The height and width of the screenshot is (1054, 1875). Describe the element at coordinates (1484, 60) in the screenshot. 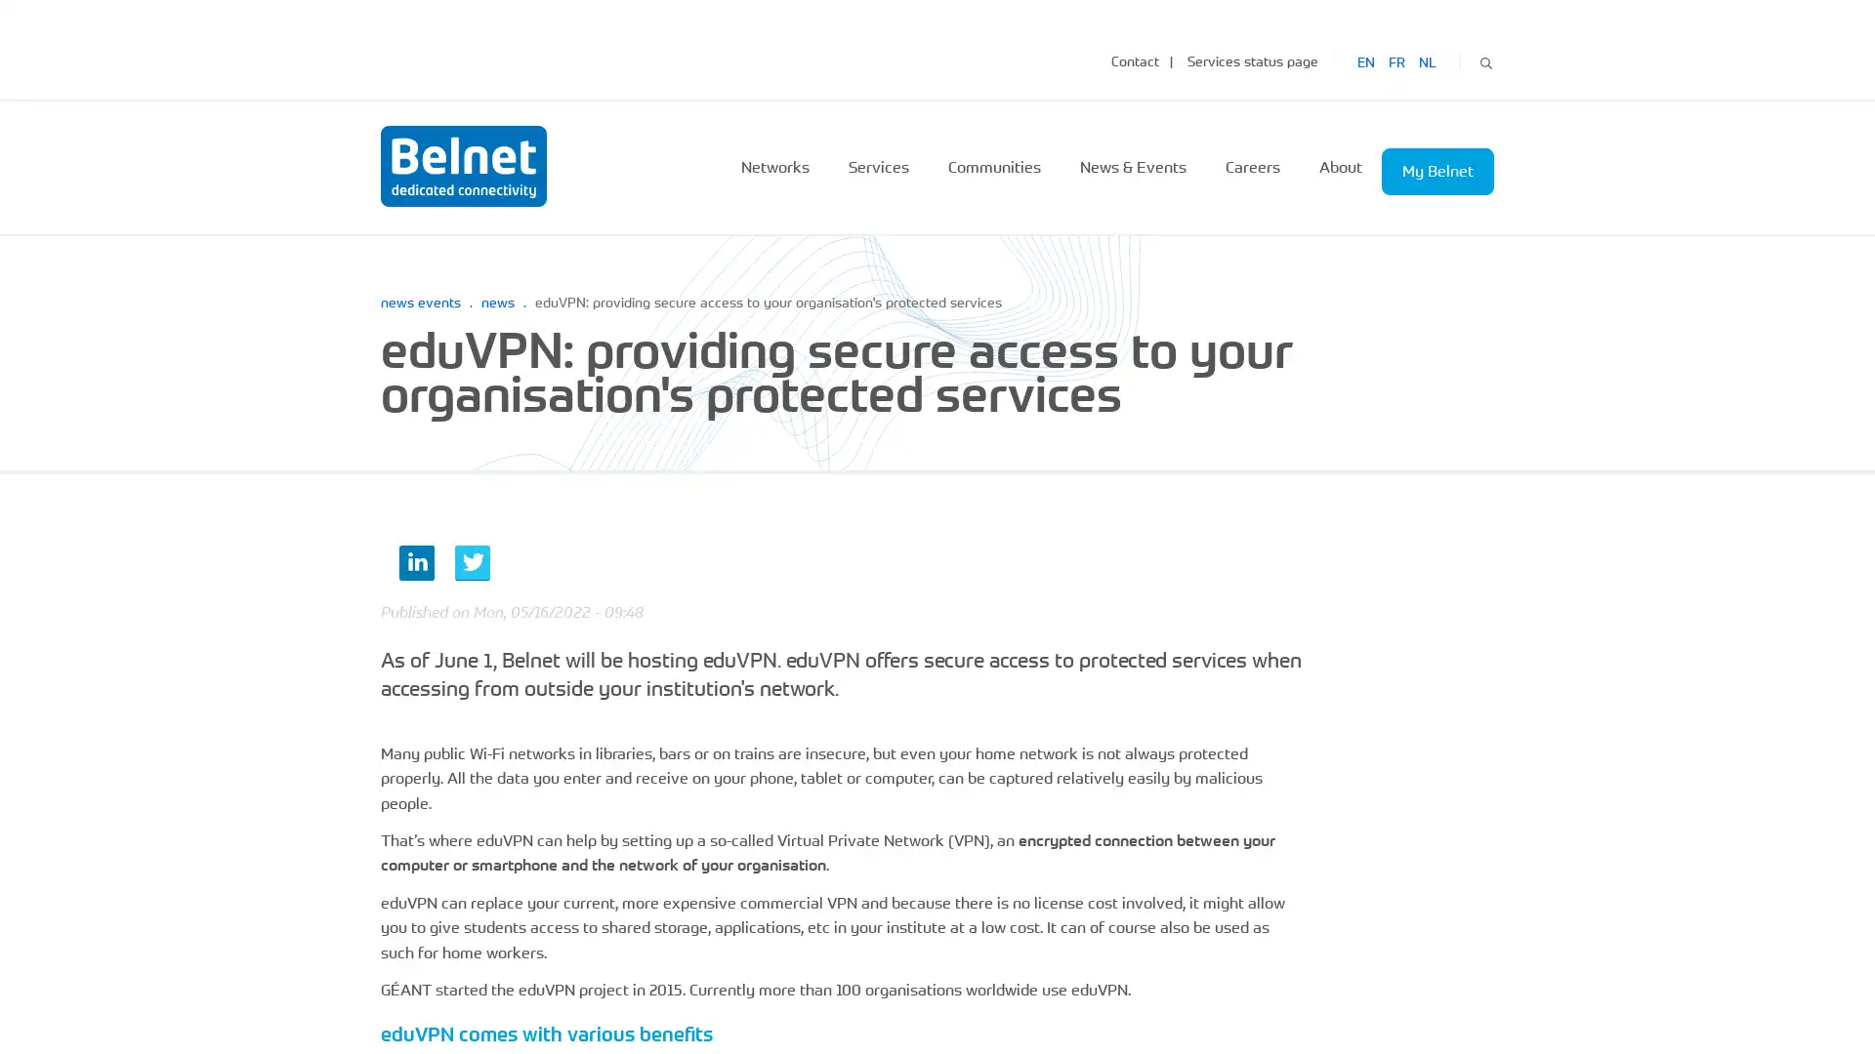

I see `Search` at that location.